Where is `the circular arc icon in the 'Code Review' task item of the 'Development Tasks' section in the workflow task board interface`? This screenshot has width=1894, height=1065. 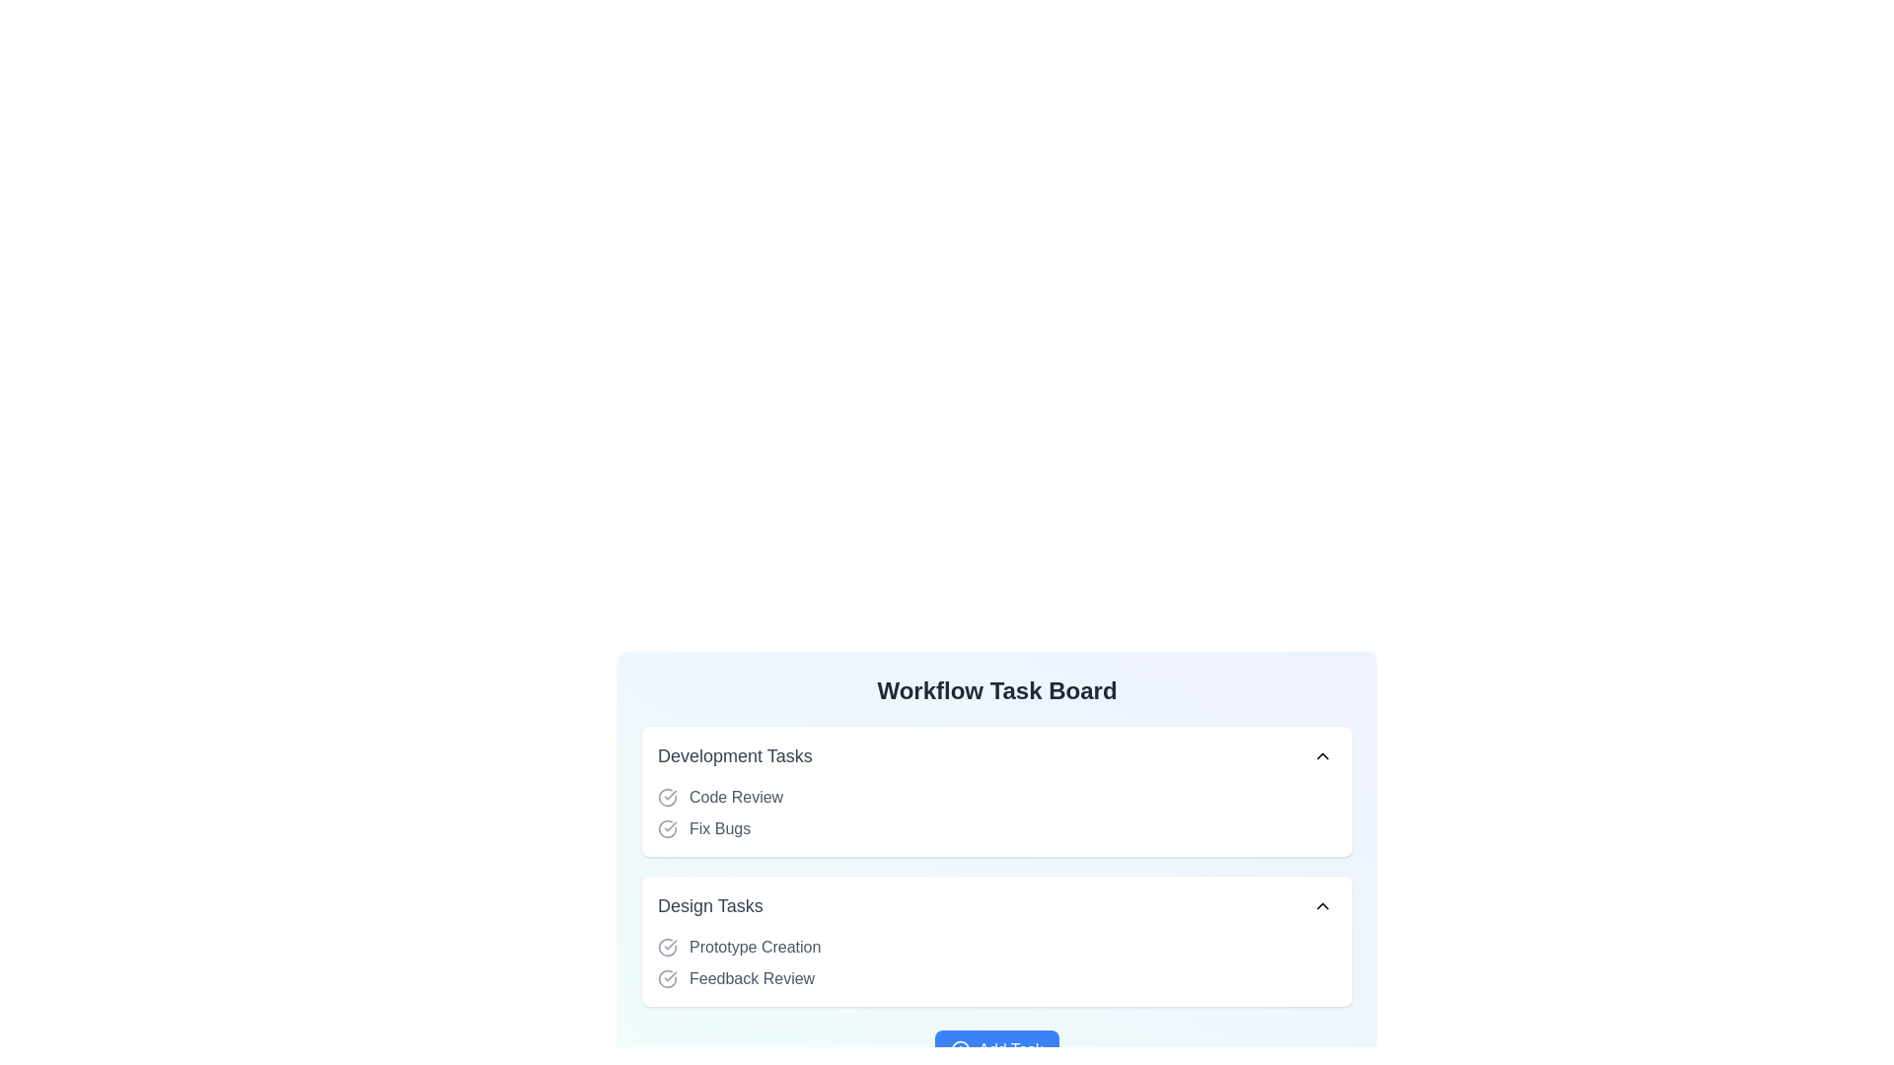
the circular arc icon in the 'Code Review' task item of the 'Development Tasks' section in the workflow task board interface is located at coordinates (667, 797).